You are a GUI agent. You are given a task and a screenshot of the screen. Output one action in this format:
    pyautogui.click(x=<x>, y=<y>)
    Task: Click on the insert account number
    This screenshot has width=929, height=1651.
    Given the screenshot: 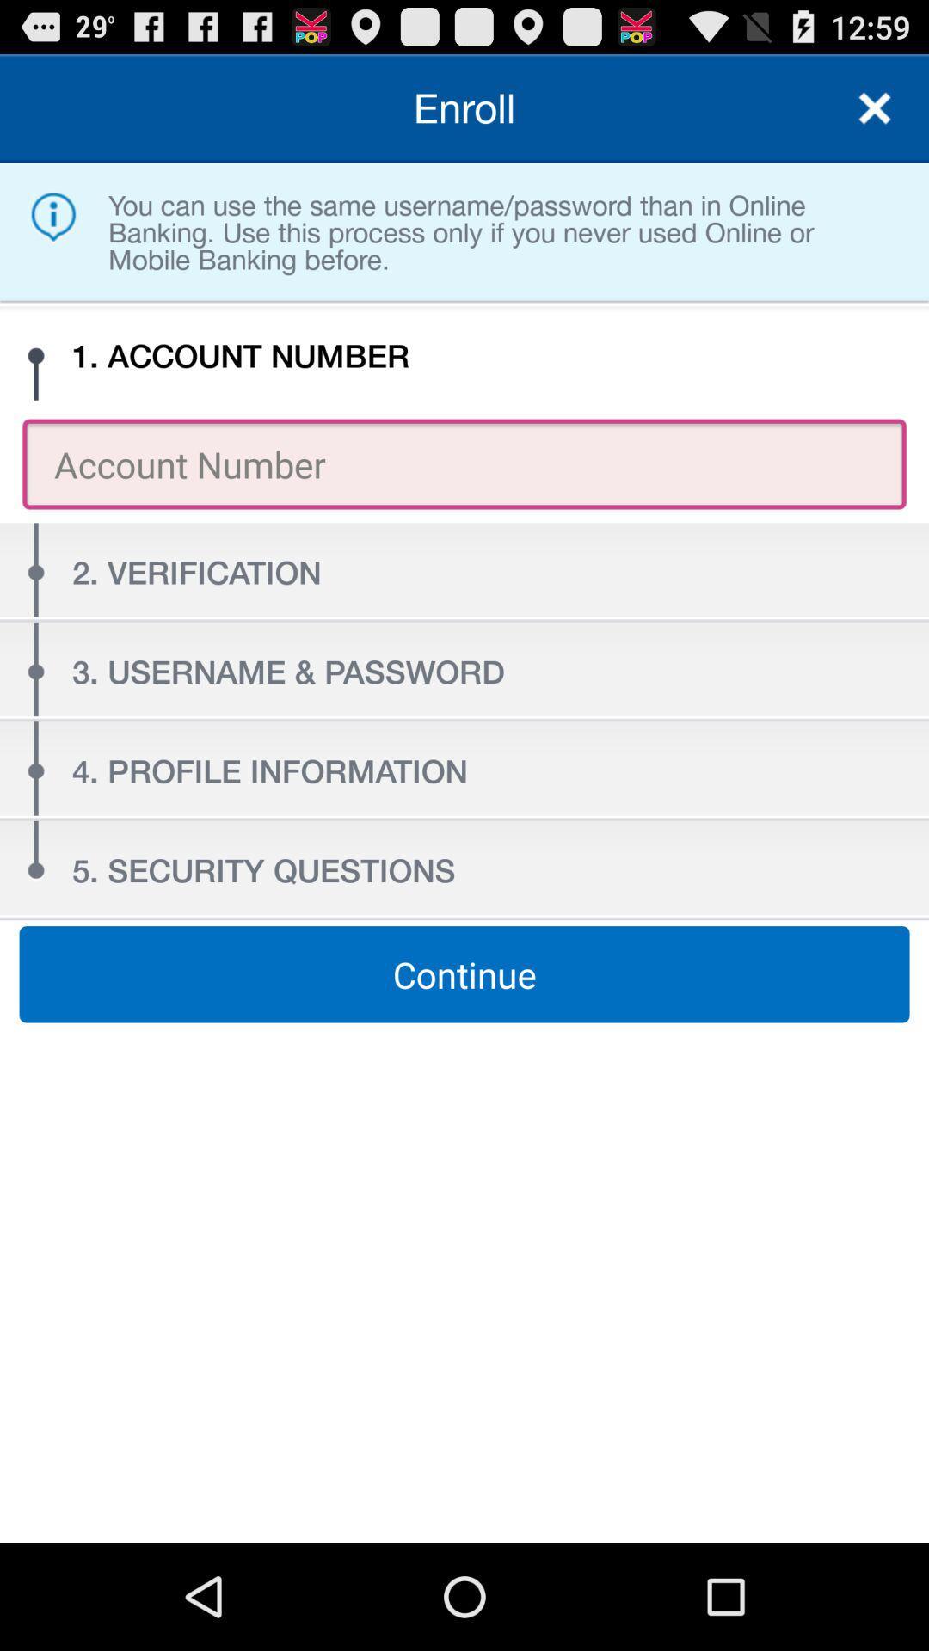 What is the action you would take?
    pyautogui.click(x=464, y=463)
    